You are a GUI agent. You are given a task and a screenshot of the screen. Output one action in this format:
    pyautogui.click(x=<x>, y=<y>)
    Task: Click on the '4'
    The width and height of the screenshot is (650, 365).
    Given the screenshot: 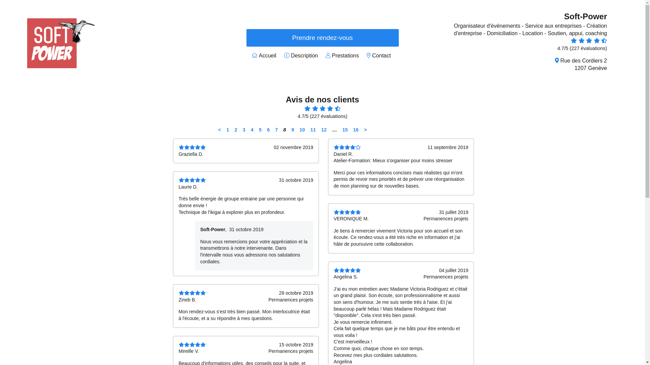 What is the action you would take?
    pyautogui.click(x=252, y=130)
    